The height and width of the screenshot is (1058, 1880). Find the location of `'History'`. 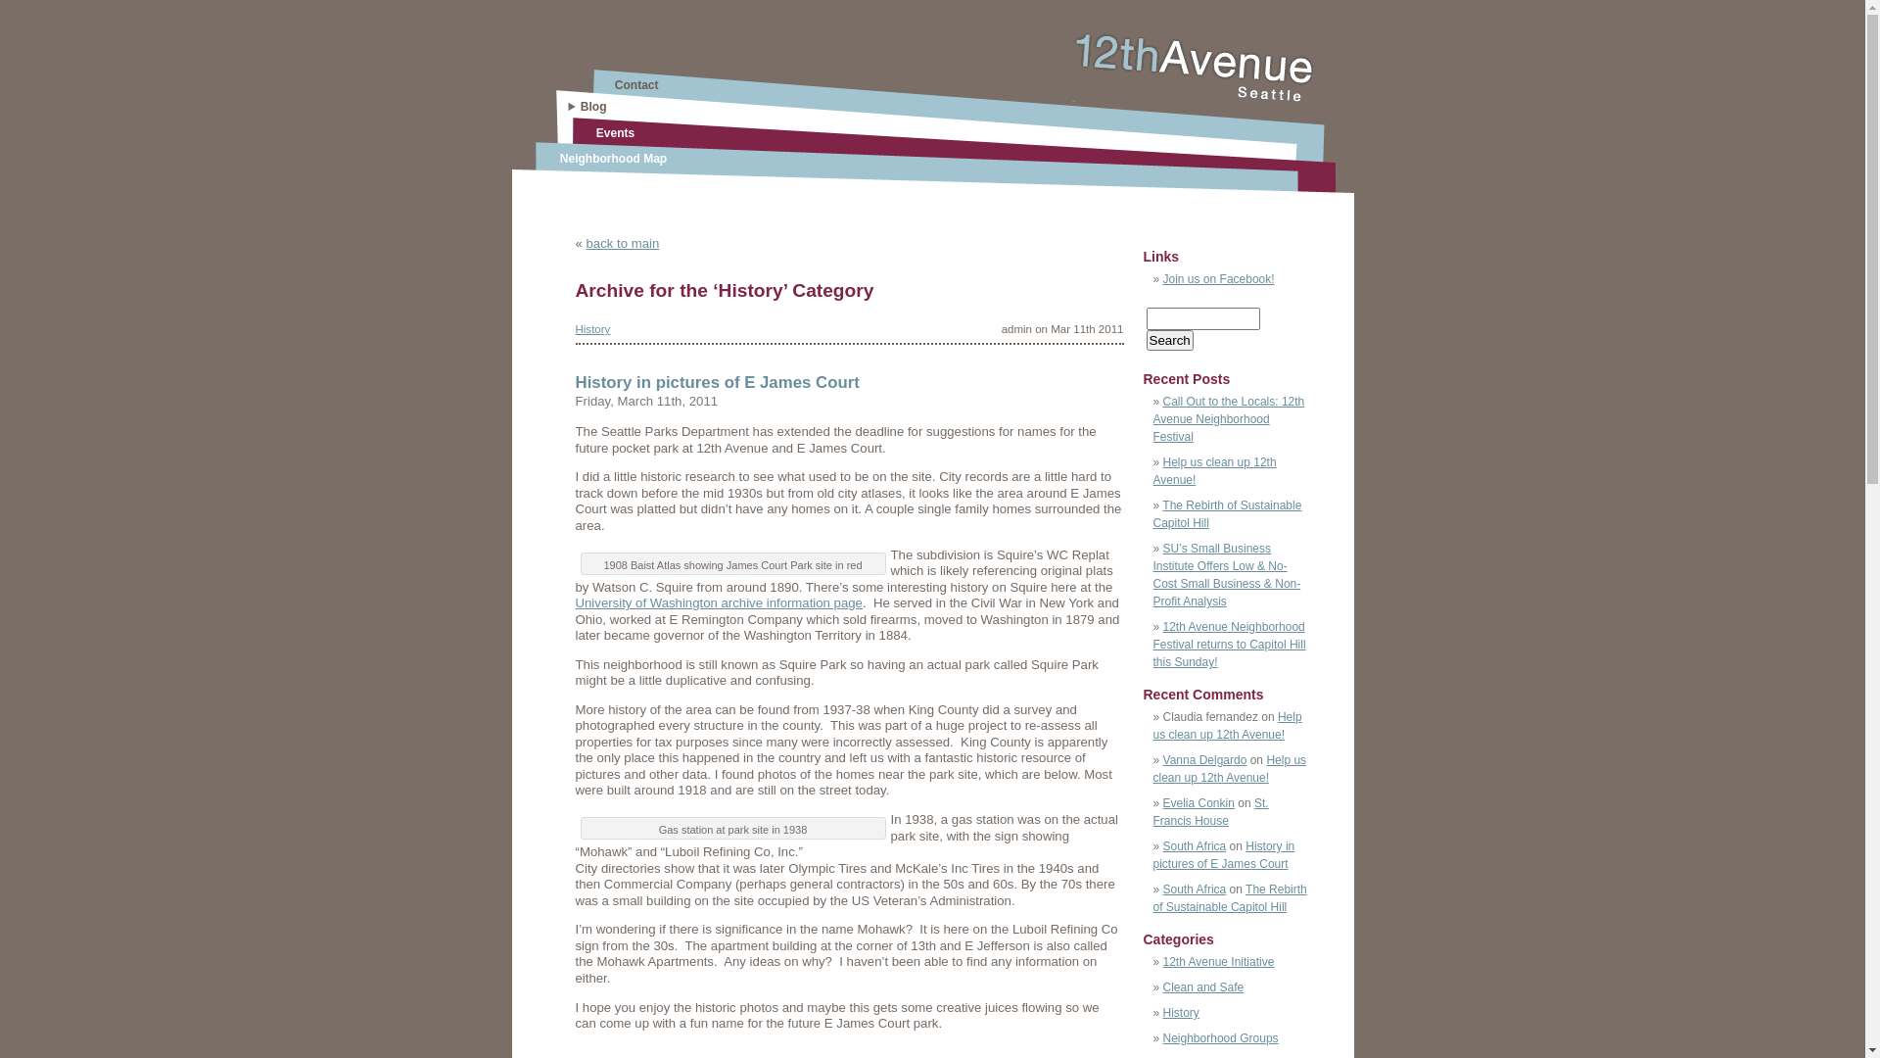

'History' is located at coordinates (1163, 1012).